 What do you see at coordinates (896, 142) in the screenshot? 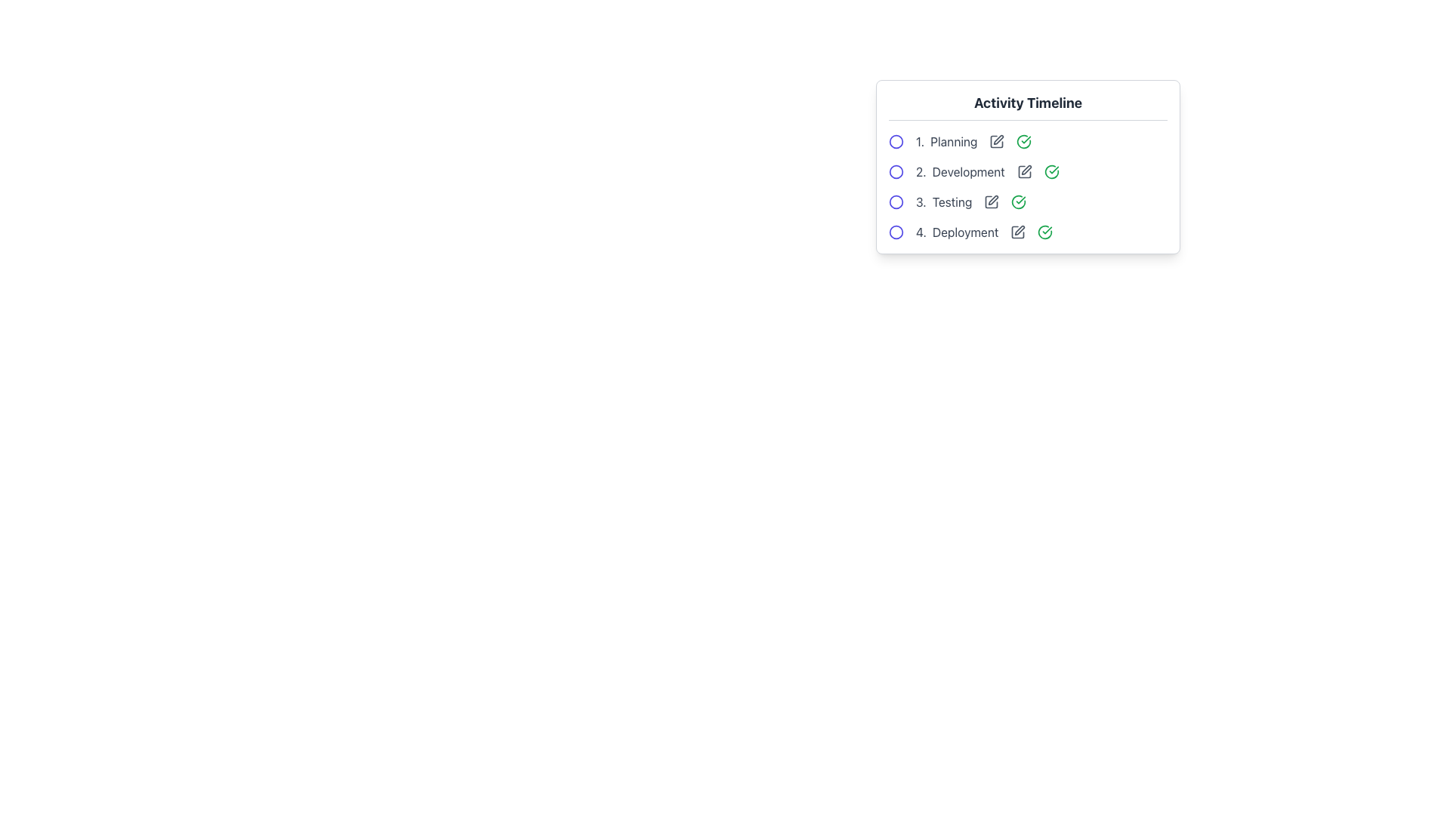
I see `the SVG graphic circle indicating '1. Planning' in the 'Activity Timeline' section` at bounding box center [896, 142].